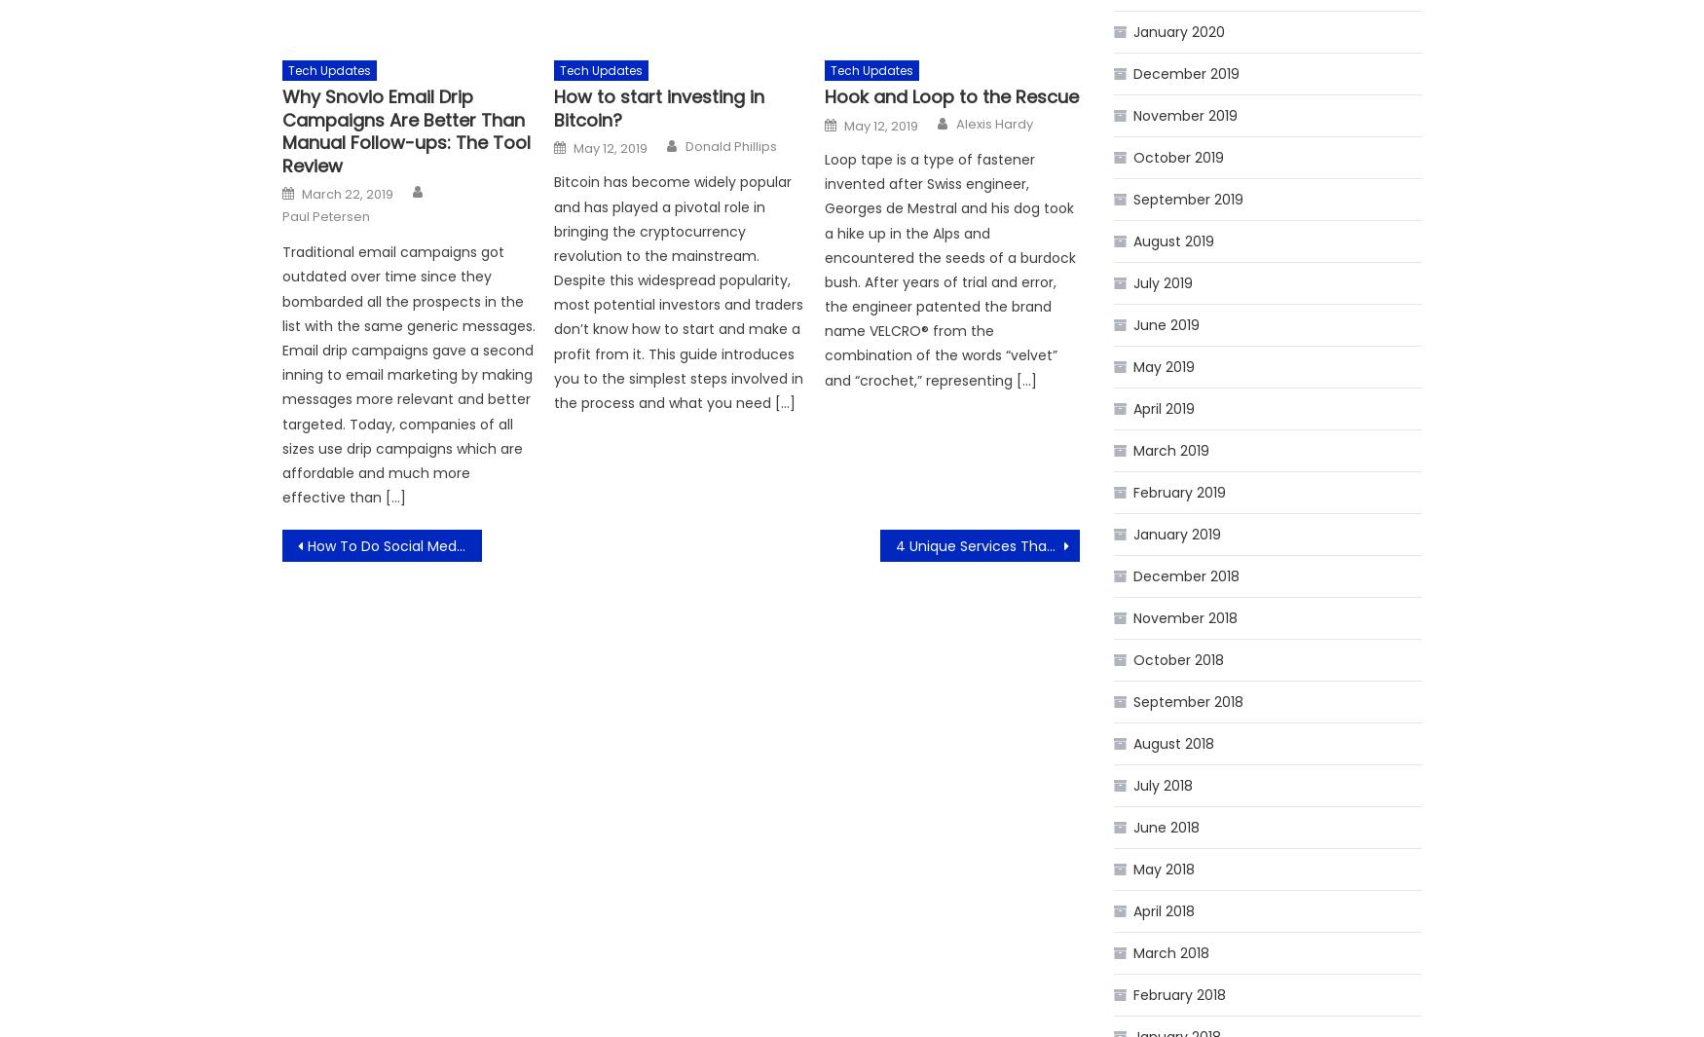  I want to click on 'May 2018', so click(1164, 870).